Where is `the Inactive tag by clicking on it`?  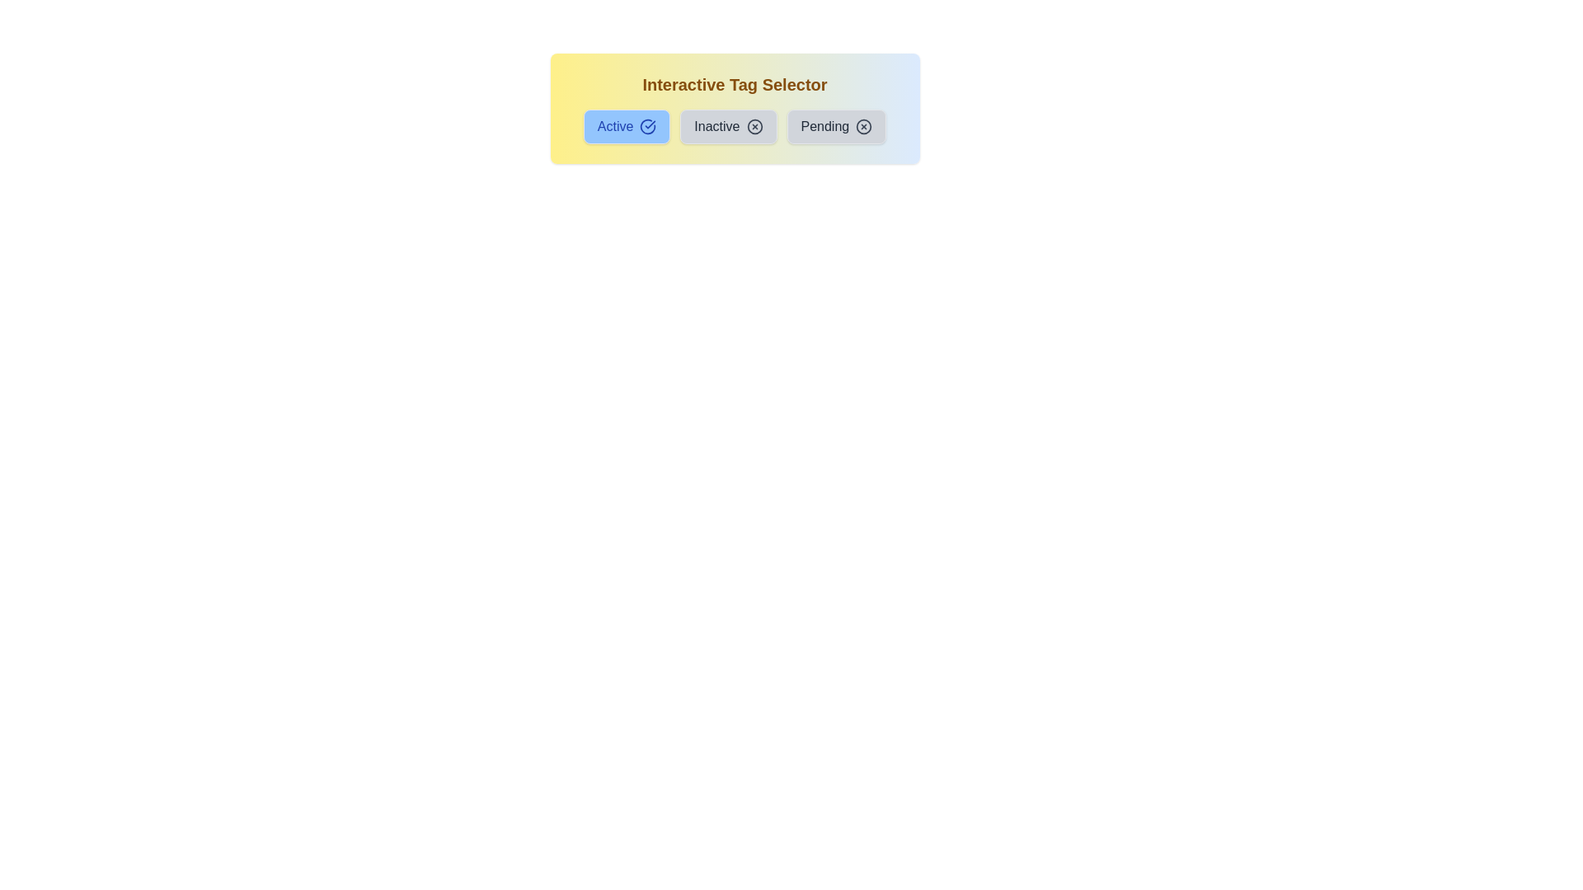 the Inactive tag by clicking on it is located at coordinates (727, 126).